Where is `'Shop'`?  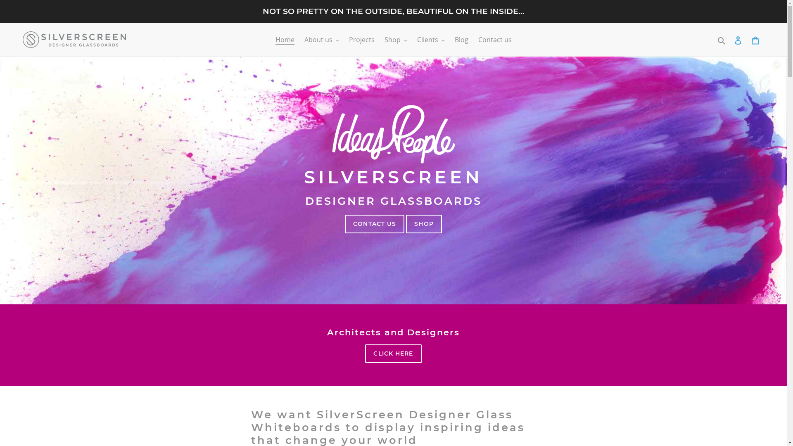
'Shop' is located at coordinates (395, 40).